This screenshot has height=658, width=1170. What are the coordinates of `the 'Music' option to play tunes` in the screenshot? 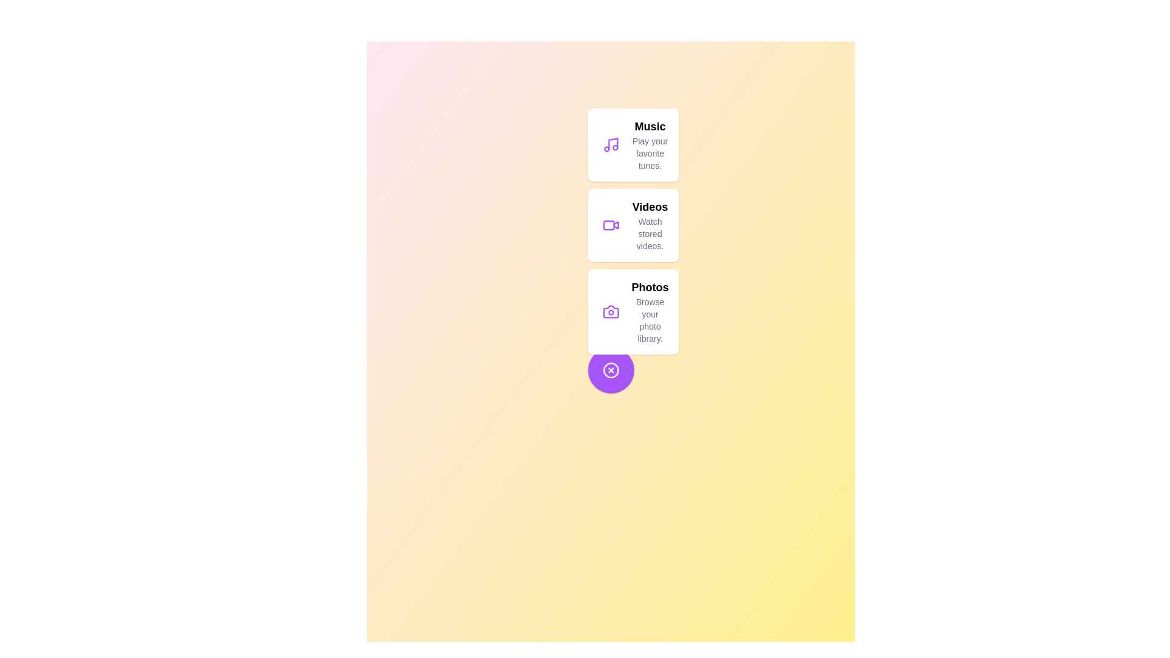 It's located at (633, 144).